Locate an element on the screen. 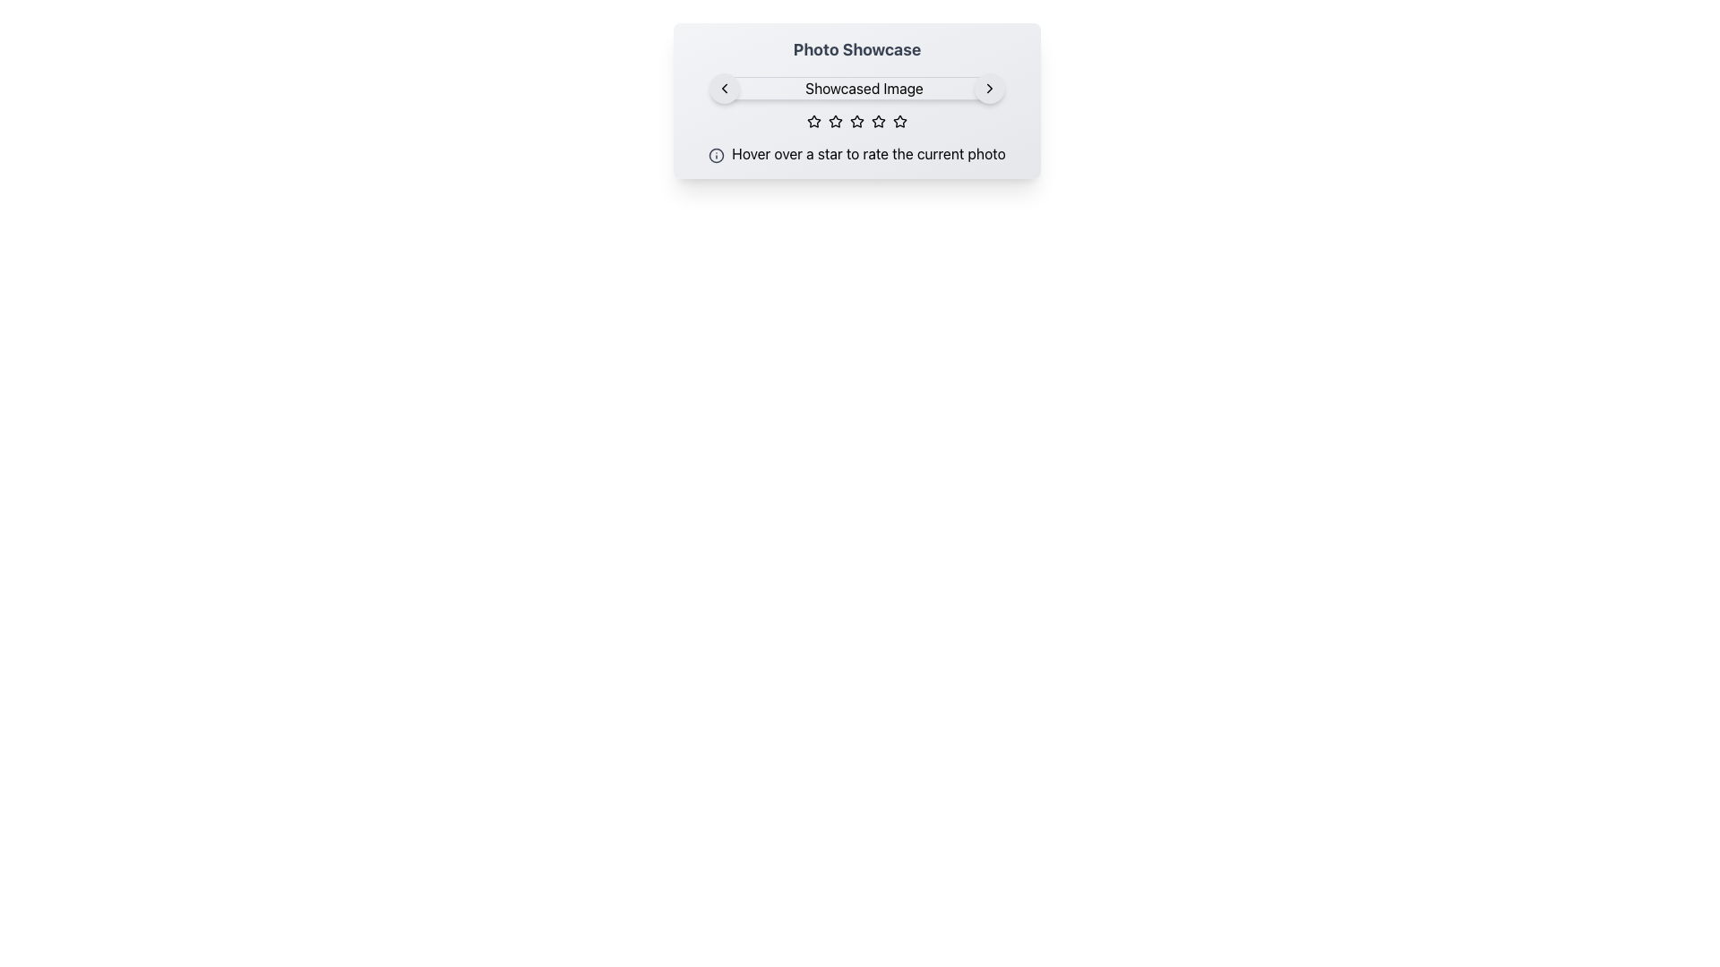 The height and width of the screenshot is (967, 1720). the third star-shaped rating icon in the row of five stars under the text 'Showcased Image' is located at coordinates (856, 121).